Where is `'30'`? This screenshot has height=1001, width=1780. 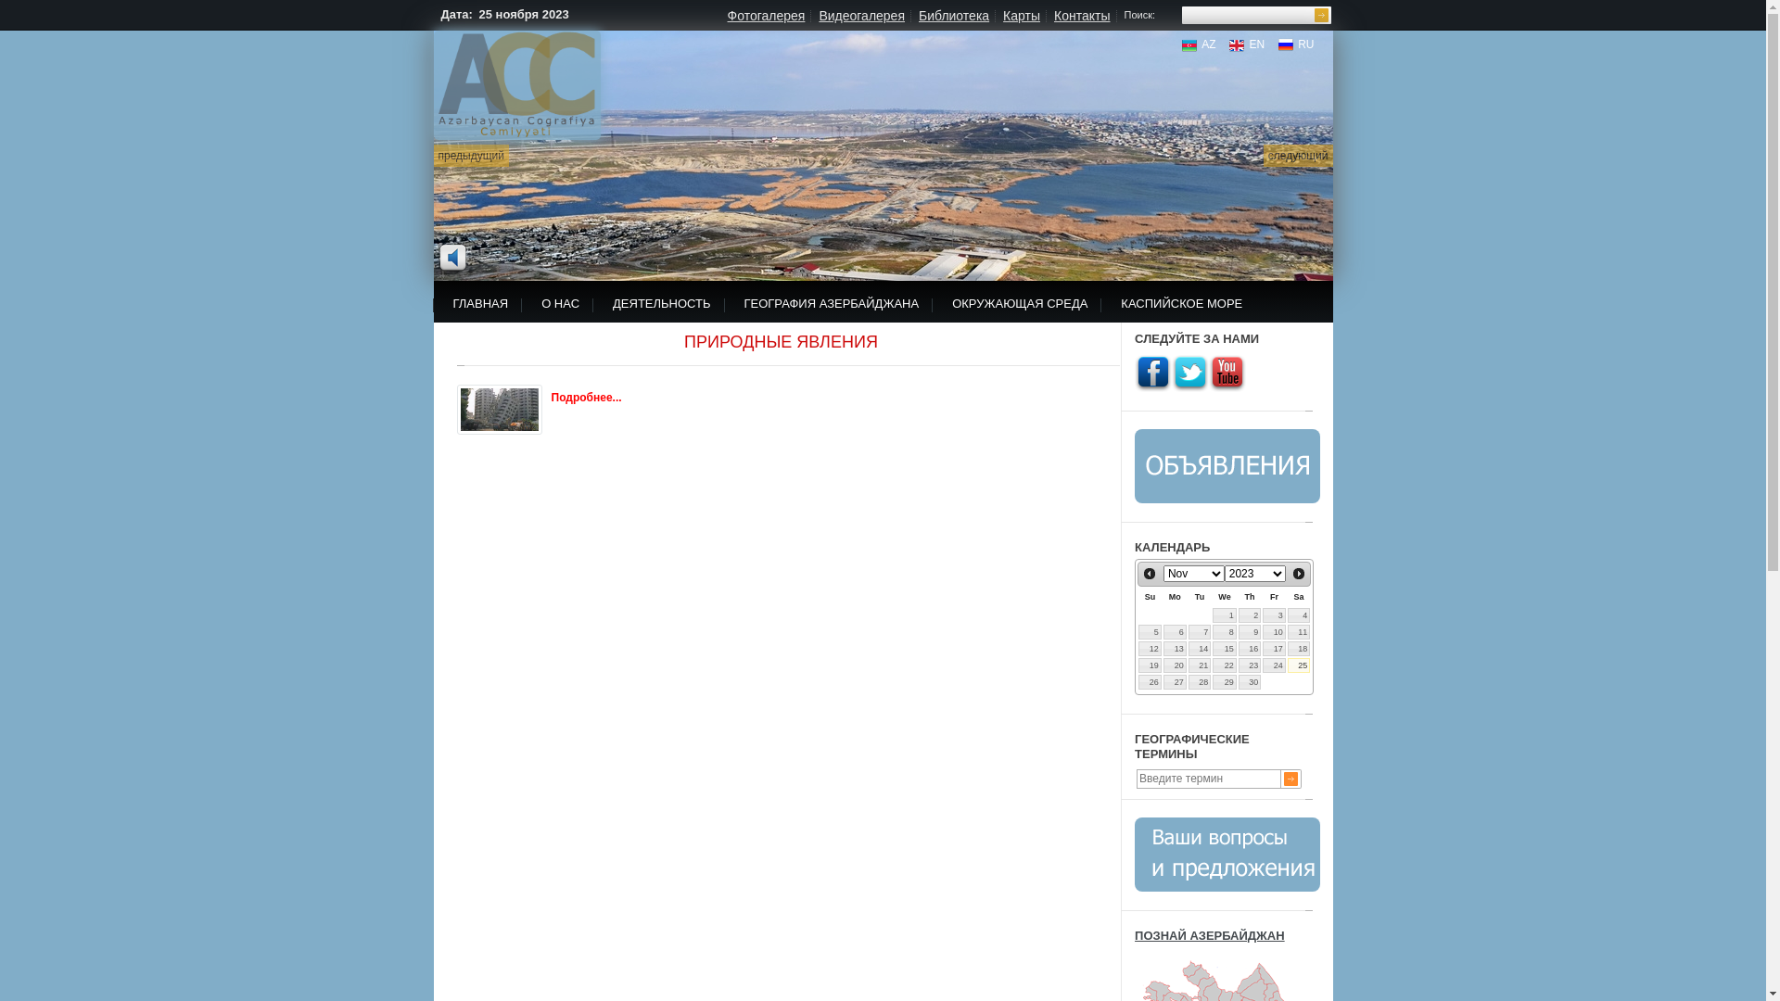
'30' is located at coordinates (1250, 682).